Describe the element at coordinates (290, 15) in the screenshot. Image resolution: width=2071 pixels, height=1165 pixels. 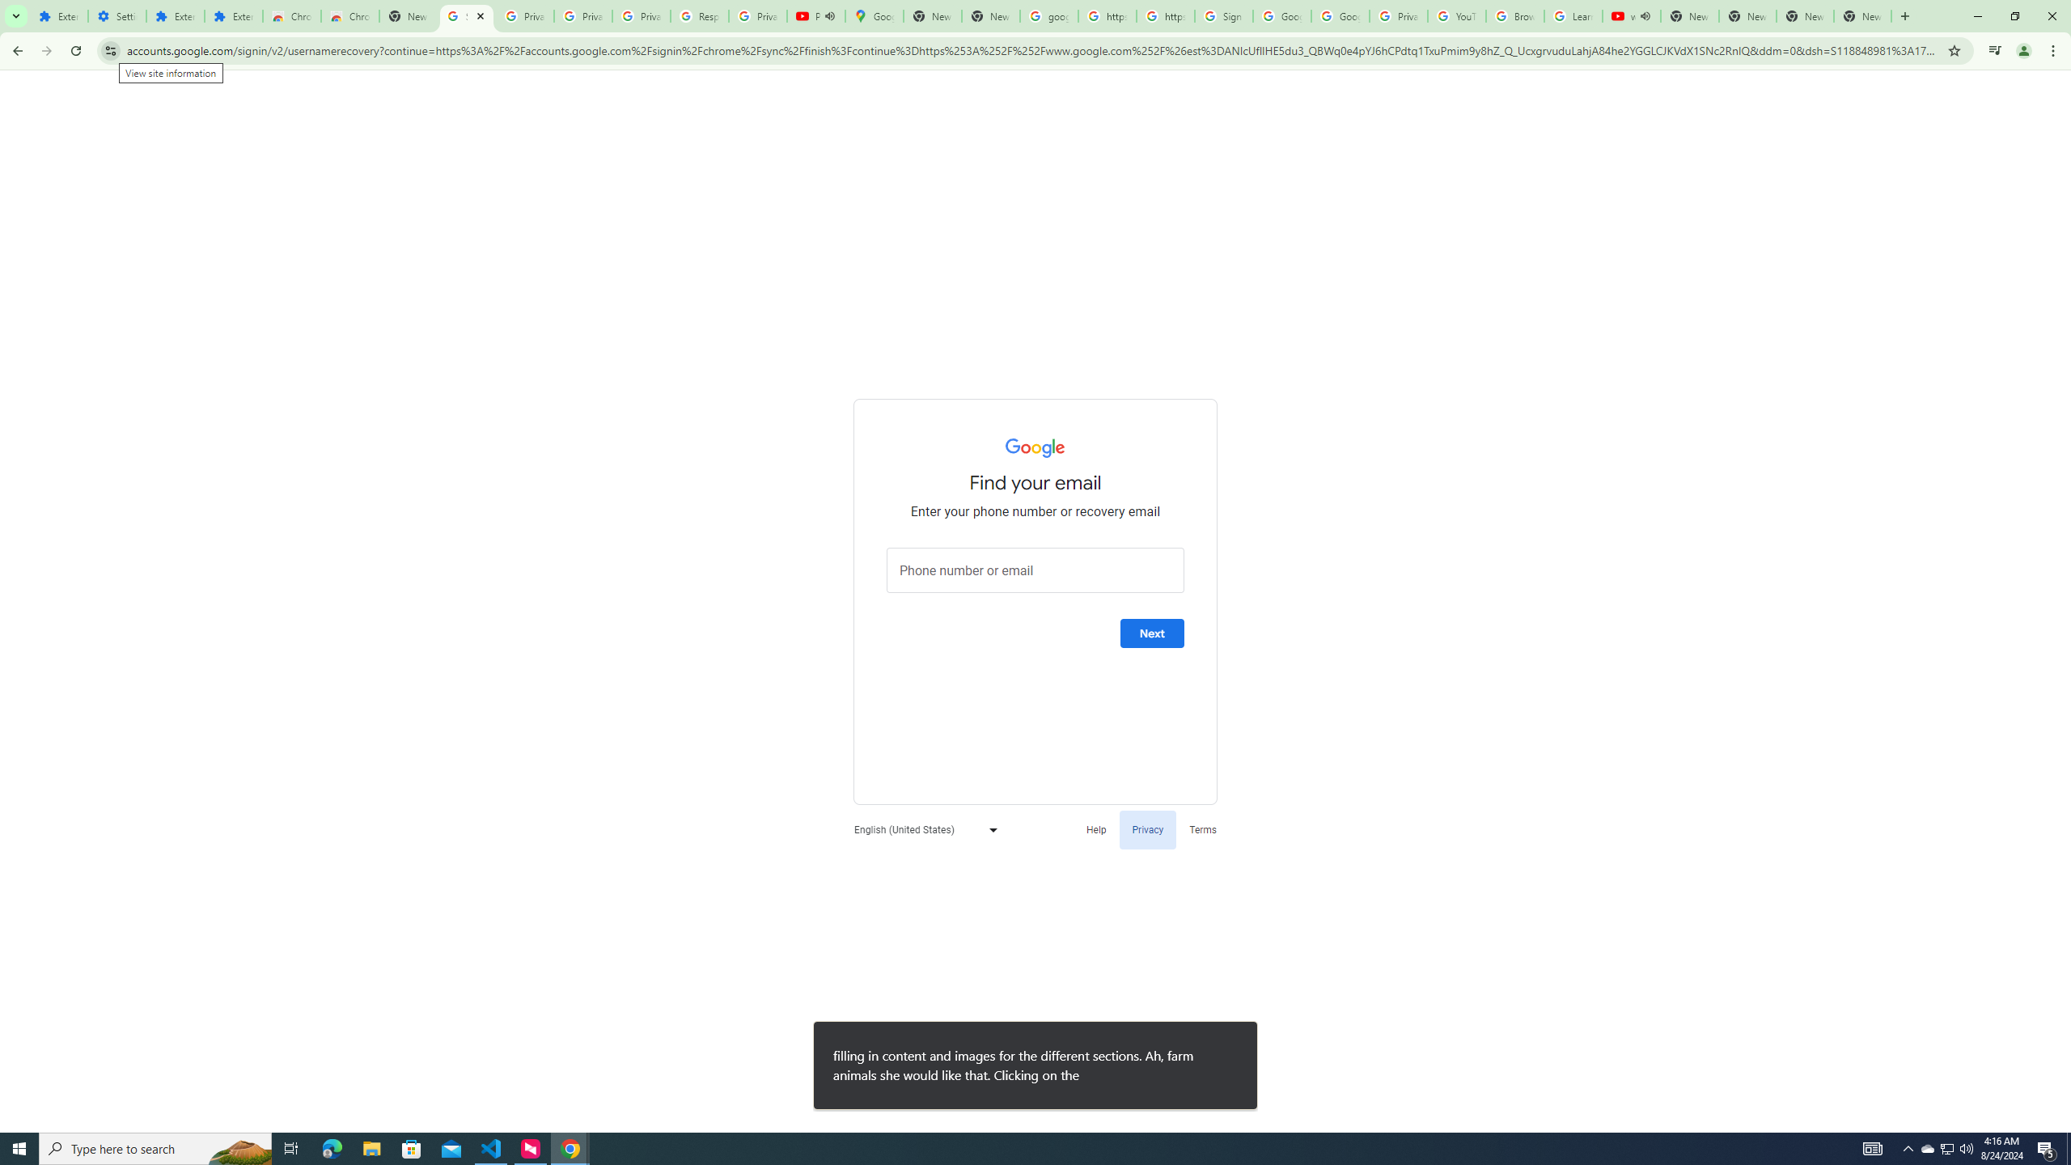
I see `'Chrome Web Store'` at that location.